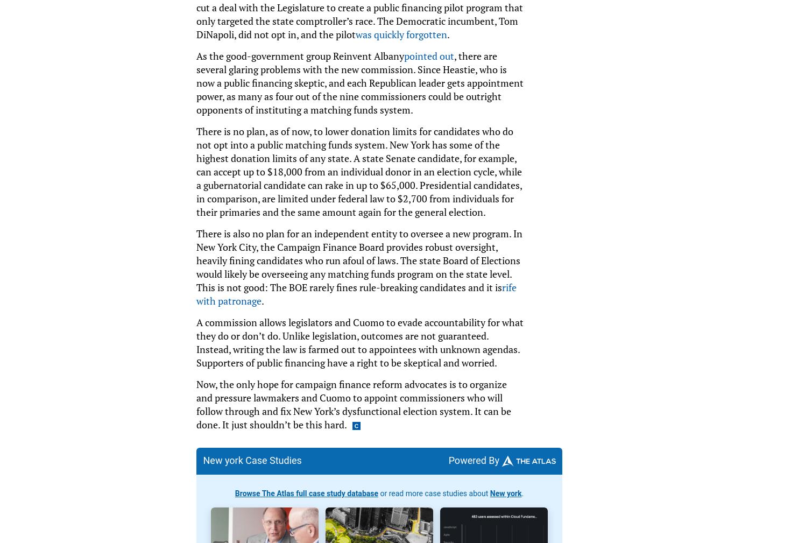  Describe the element at coordinates (353, 404) in the screenshot. I see `'Now, the only hope for campaign finance reform advocates is to organize and pressure lawmakers and Cuomo to appoint commissioners who will follow through and fix New York’s dysfunctional election system. It can be done. It just shouldn’t be this hard.'` at that location.